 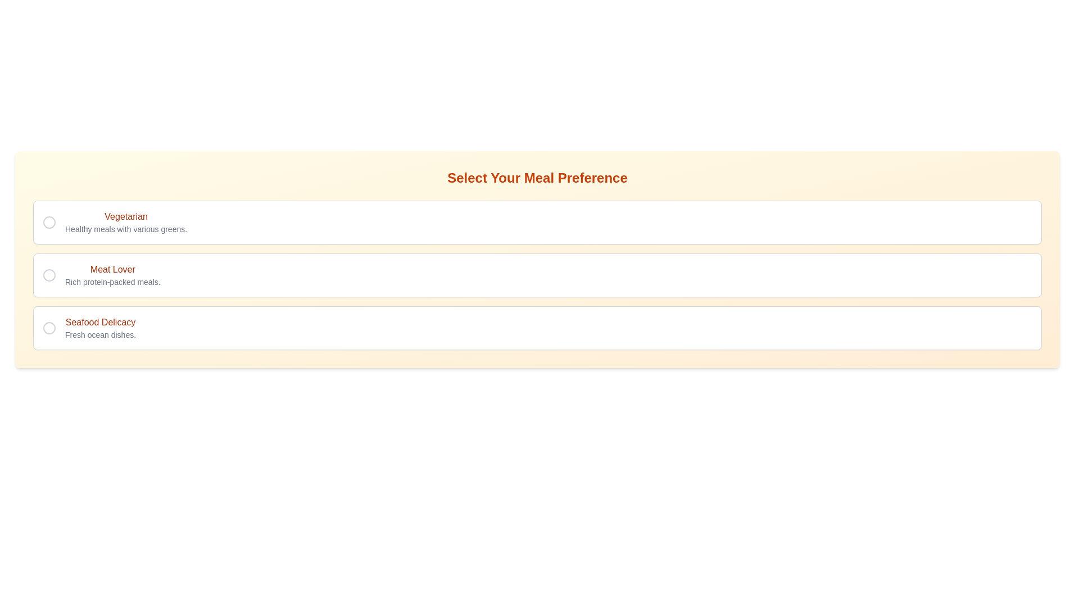 What do you see at coordinates (112, 275) in the screenshot?
I see `the 'Meat Lover' list item label` at bounding box center [112, 275].